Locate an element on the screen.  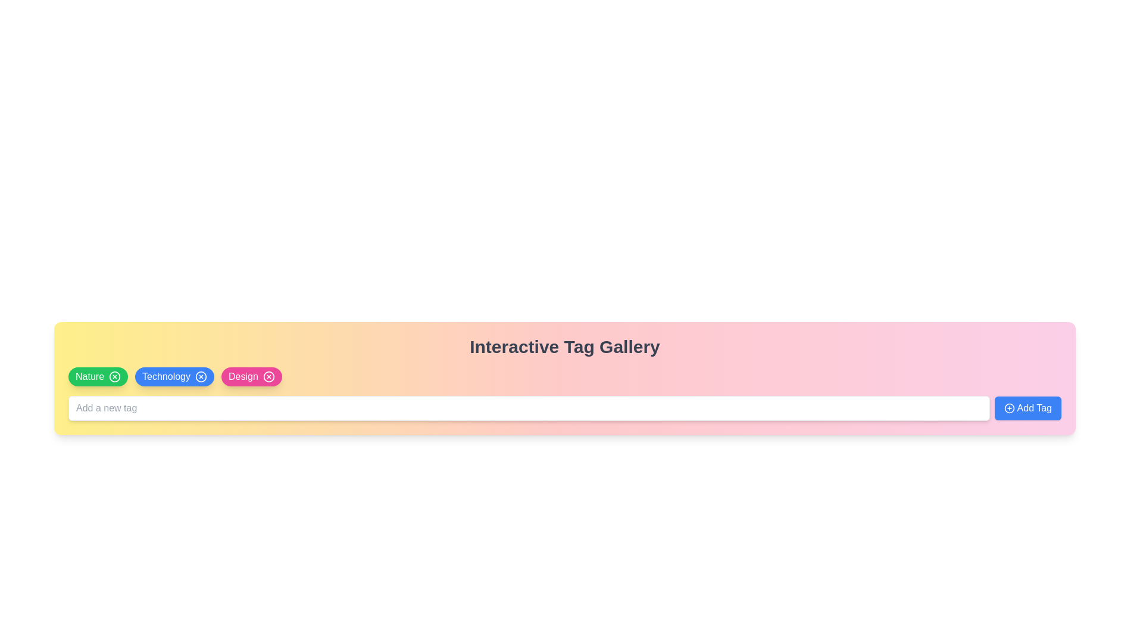
the 'Add Tag' button in the 'Interactive Tag Gallery' section, which allows users to submit new tags is located at coordinates (564, 408).